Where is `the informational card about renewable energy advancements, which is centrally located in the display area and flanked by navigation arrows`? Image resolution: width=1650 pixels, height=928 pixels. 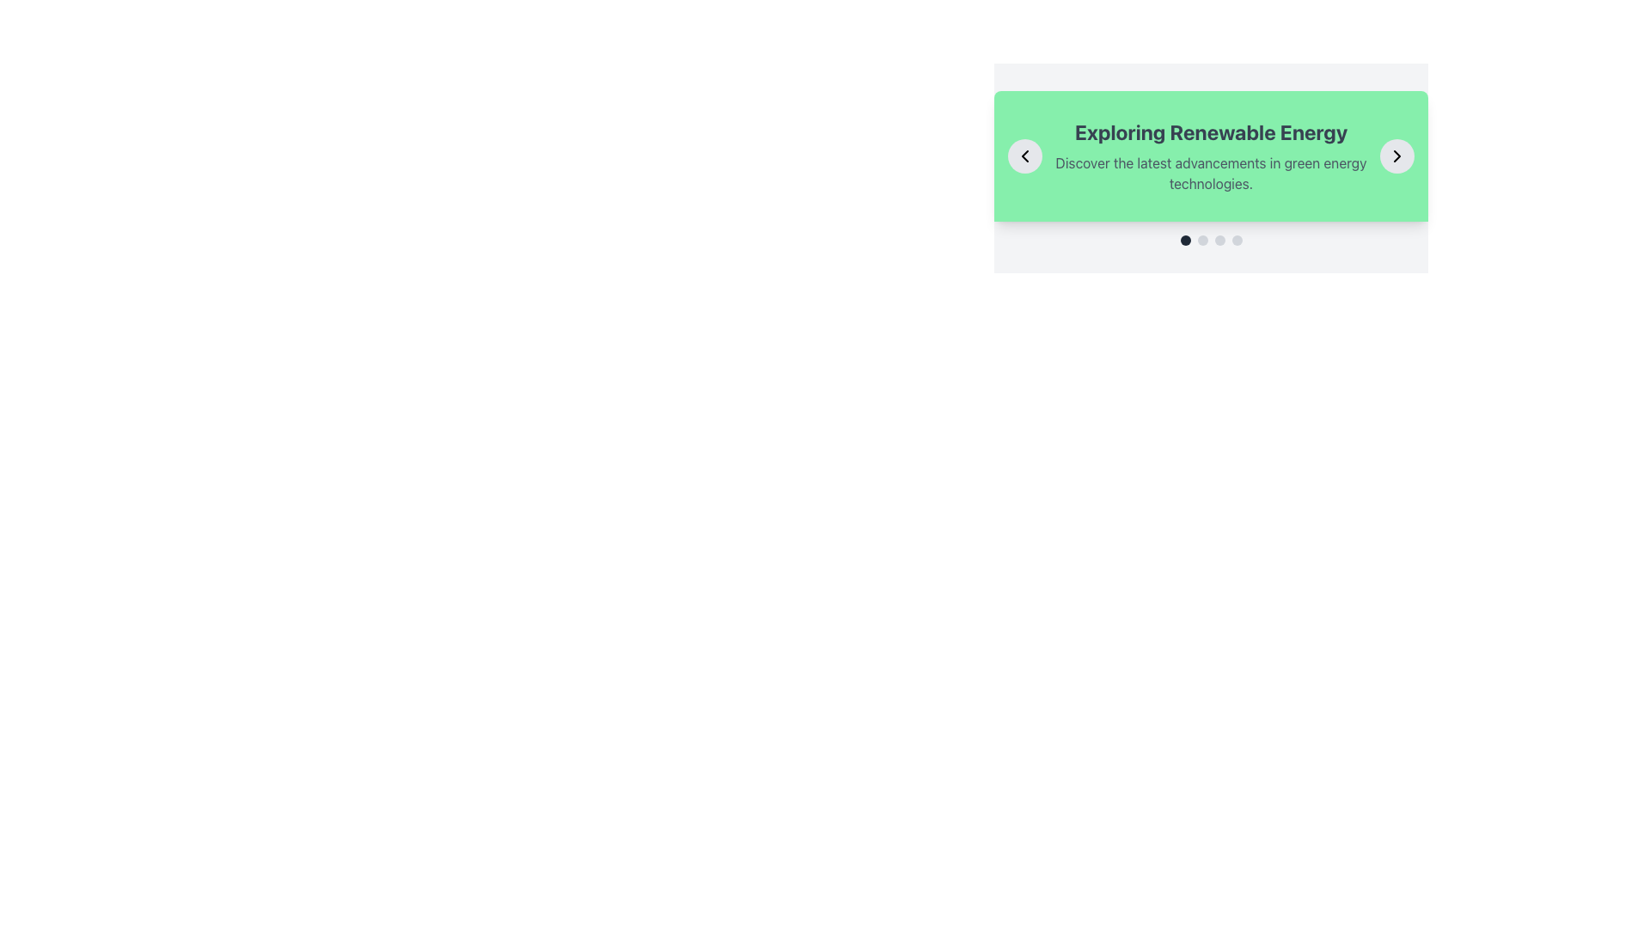
the informational card about renewable energy advancements, which is centrally located in the display area and flanked by navigation arrows is located at coordinates (1210, 156).